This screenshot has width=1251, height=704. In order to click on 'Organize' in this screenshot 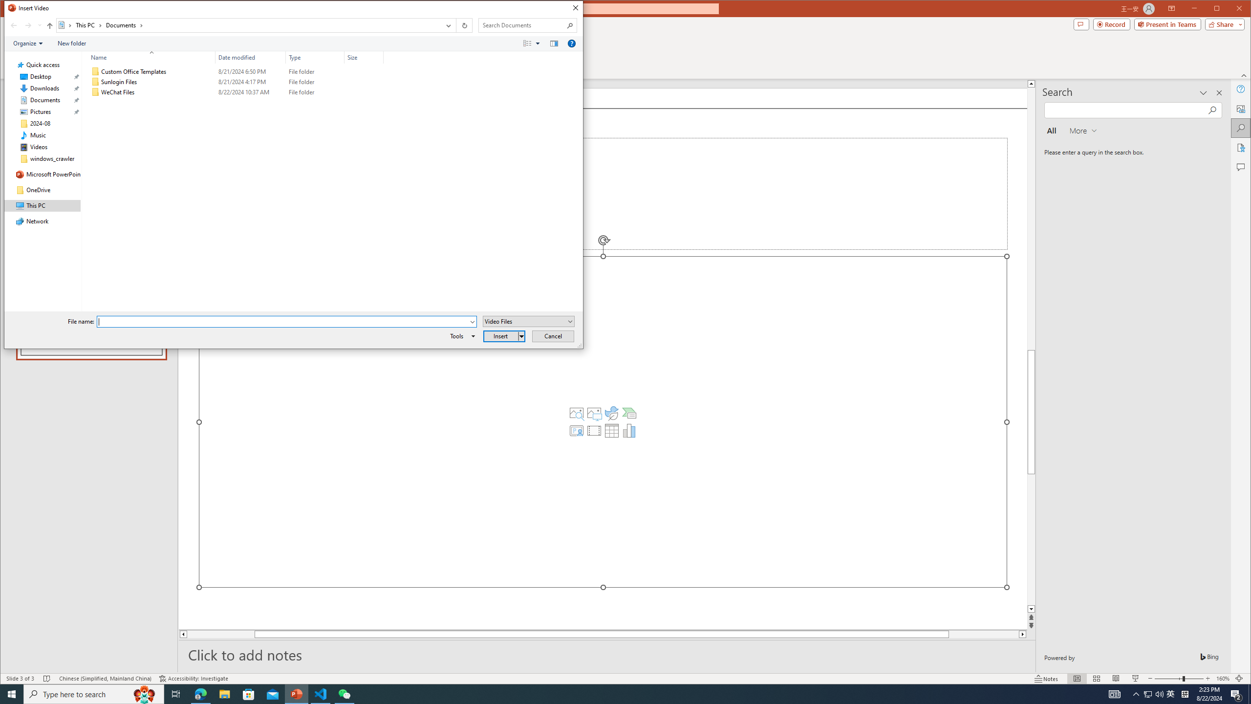, I will do `click(28, 43)`.